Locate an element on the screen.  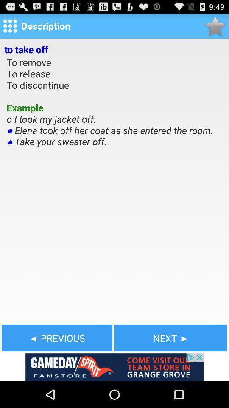
fovread is located at coordinates (215, 26).